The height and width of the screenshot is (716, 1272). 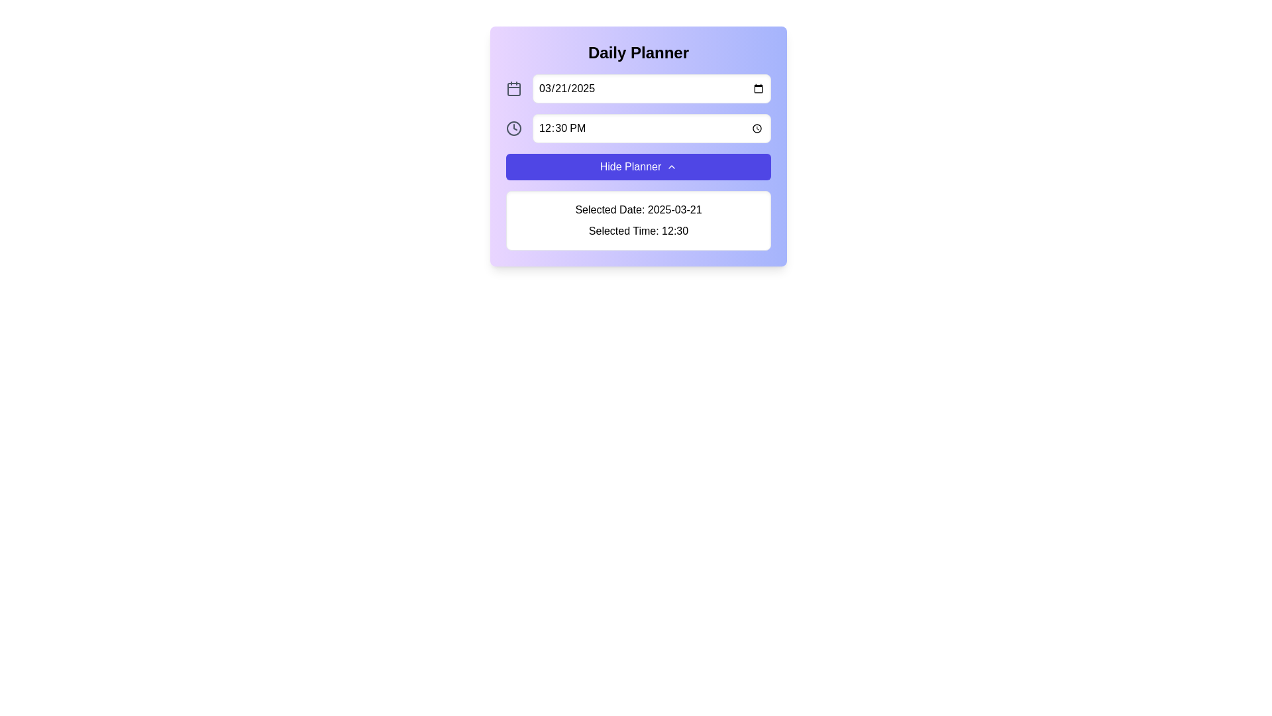 I want to click on the static text label that informs the user of the currently selected time within the planner application interface, which is located below the 'Selected Date: 2025-03-21' text, so click(x=639, y=230).